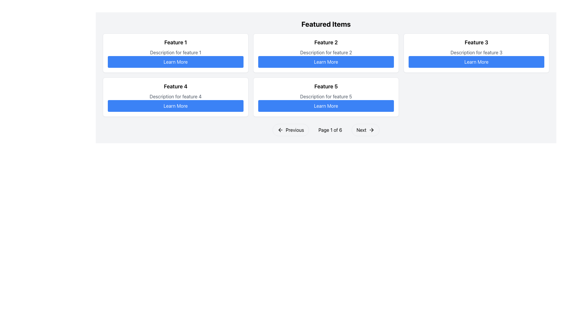 The height and width of the screenshot is (317, 564). What do you see at coordinates (325, 62) in the screenshot?
I see `the button located at the bottom of the 'Feature 2' card, beneath the description text 'Description for feature 2'` at bounding box center [325, 62].